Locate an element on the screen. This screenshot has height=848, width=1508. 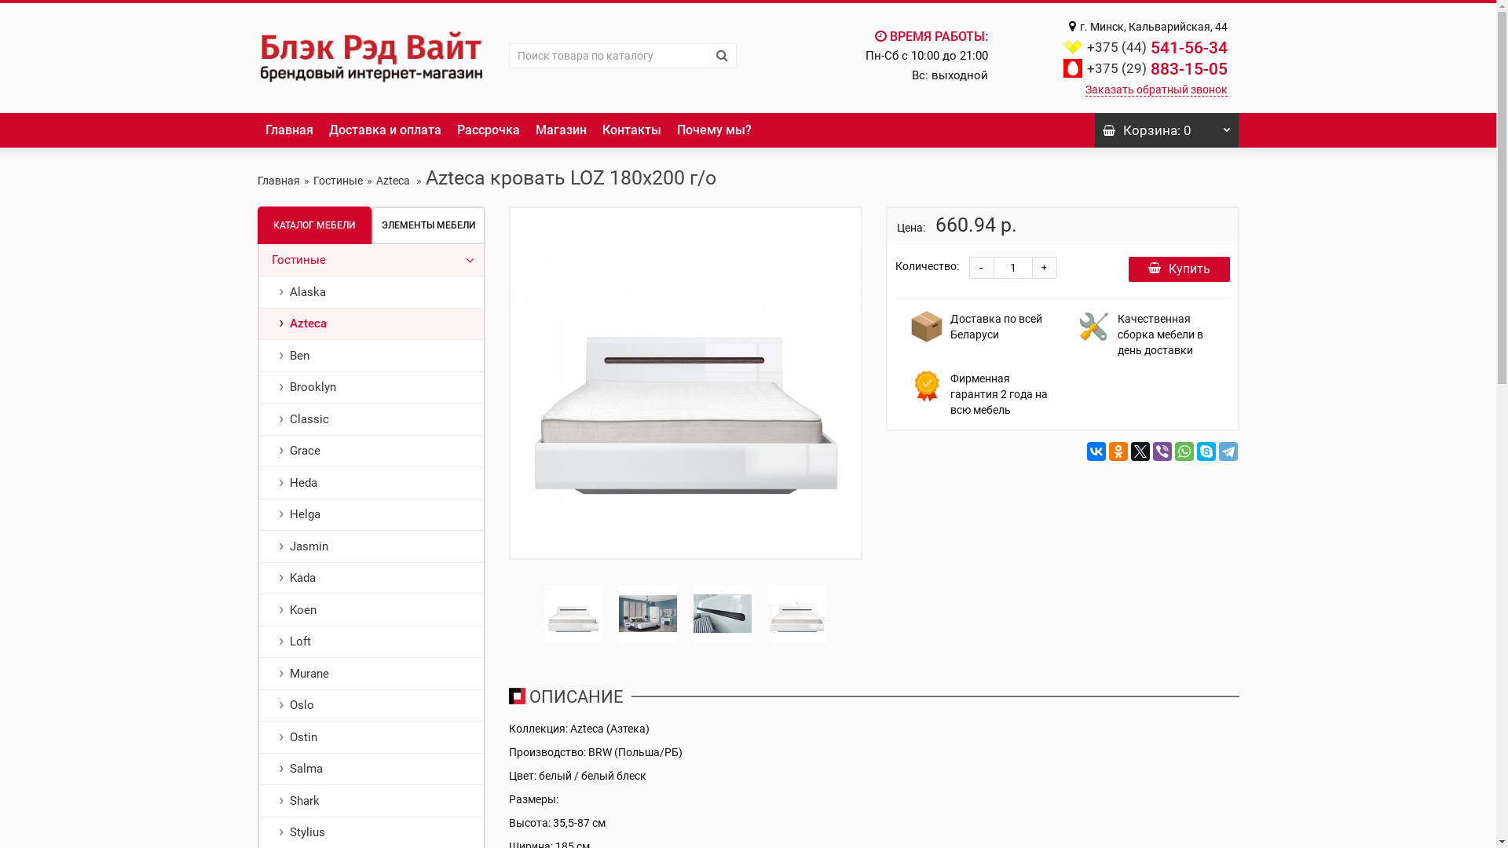
'Twitter' is located at coordinates (1140, 451).